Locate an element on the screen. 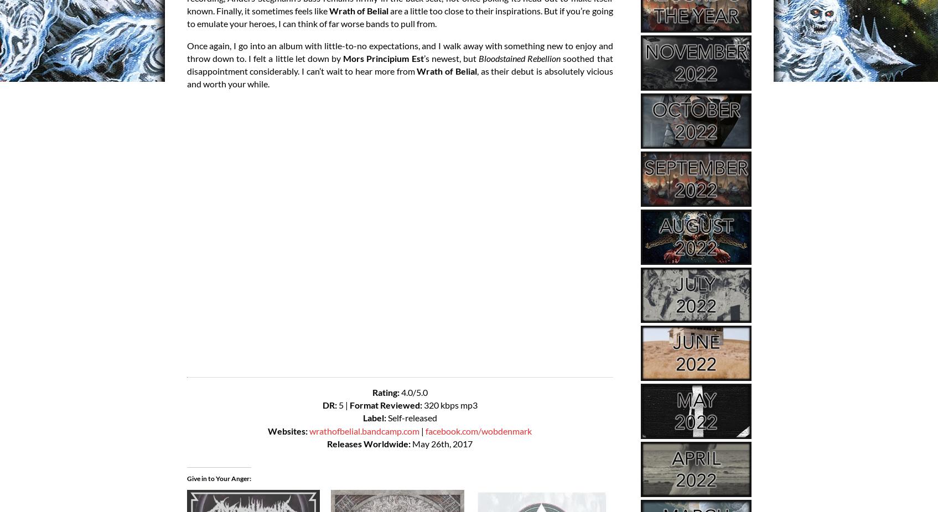 Image resolution: width=938 pixels, height=512 pixels. 'wrathofbelial.bandcamp.com' is located at coordinates (364, 431).